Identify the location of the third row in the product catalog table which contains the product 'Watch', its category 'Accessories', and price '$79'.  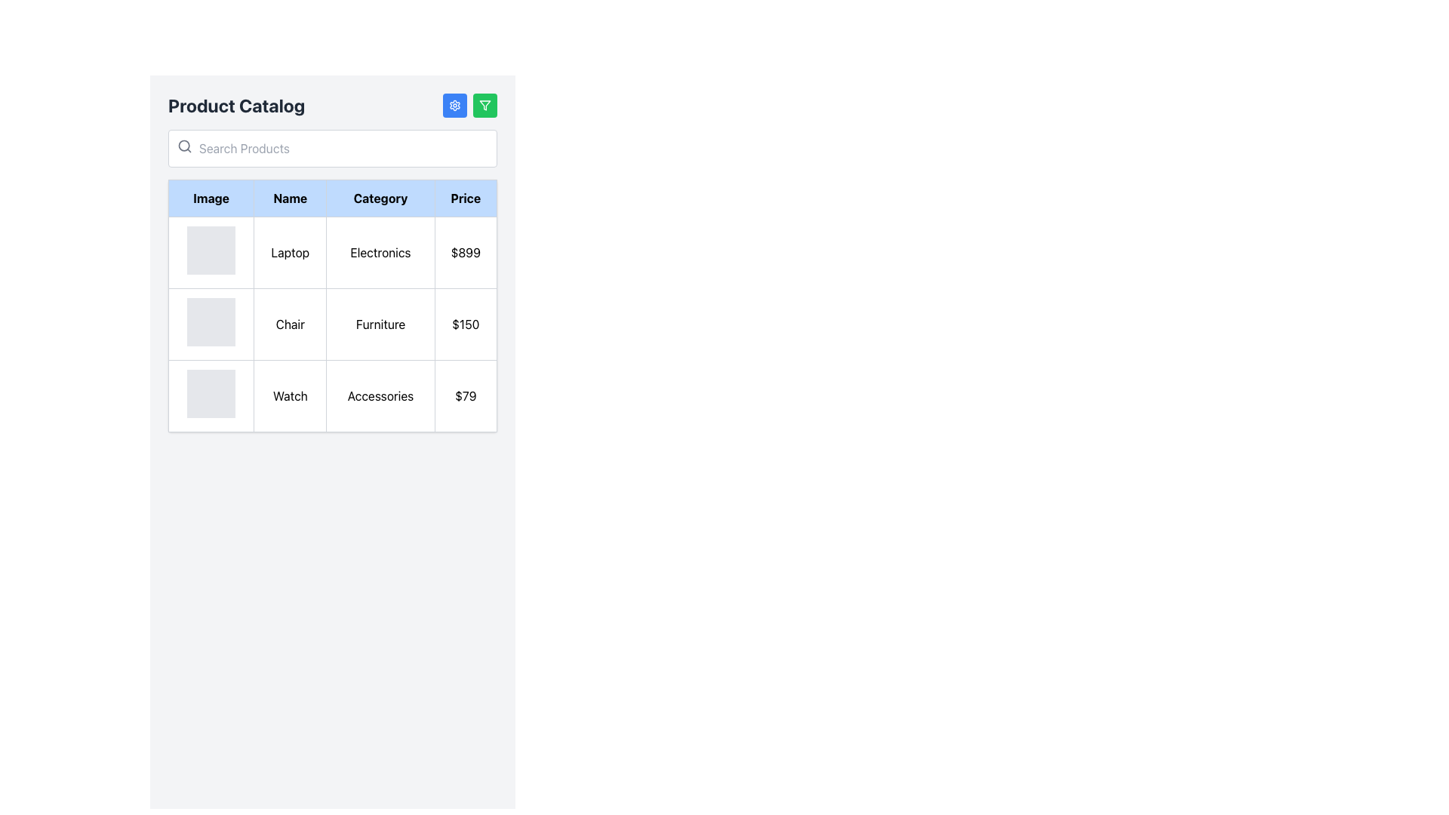
(332, 395).